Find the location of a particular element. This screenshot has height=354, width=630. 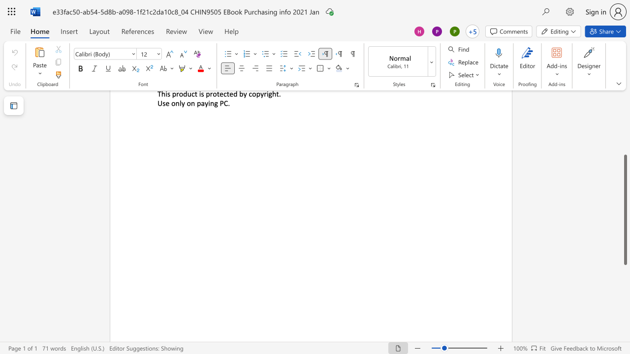

the scrollbar and move down 20 pixels is located at coordinates (625, 209).